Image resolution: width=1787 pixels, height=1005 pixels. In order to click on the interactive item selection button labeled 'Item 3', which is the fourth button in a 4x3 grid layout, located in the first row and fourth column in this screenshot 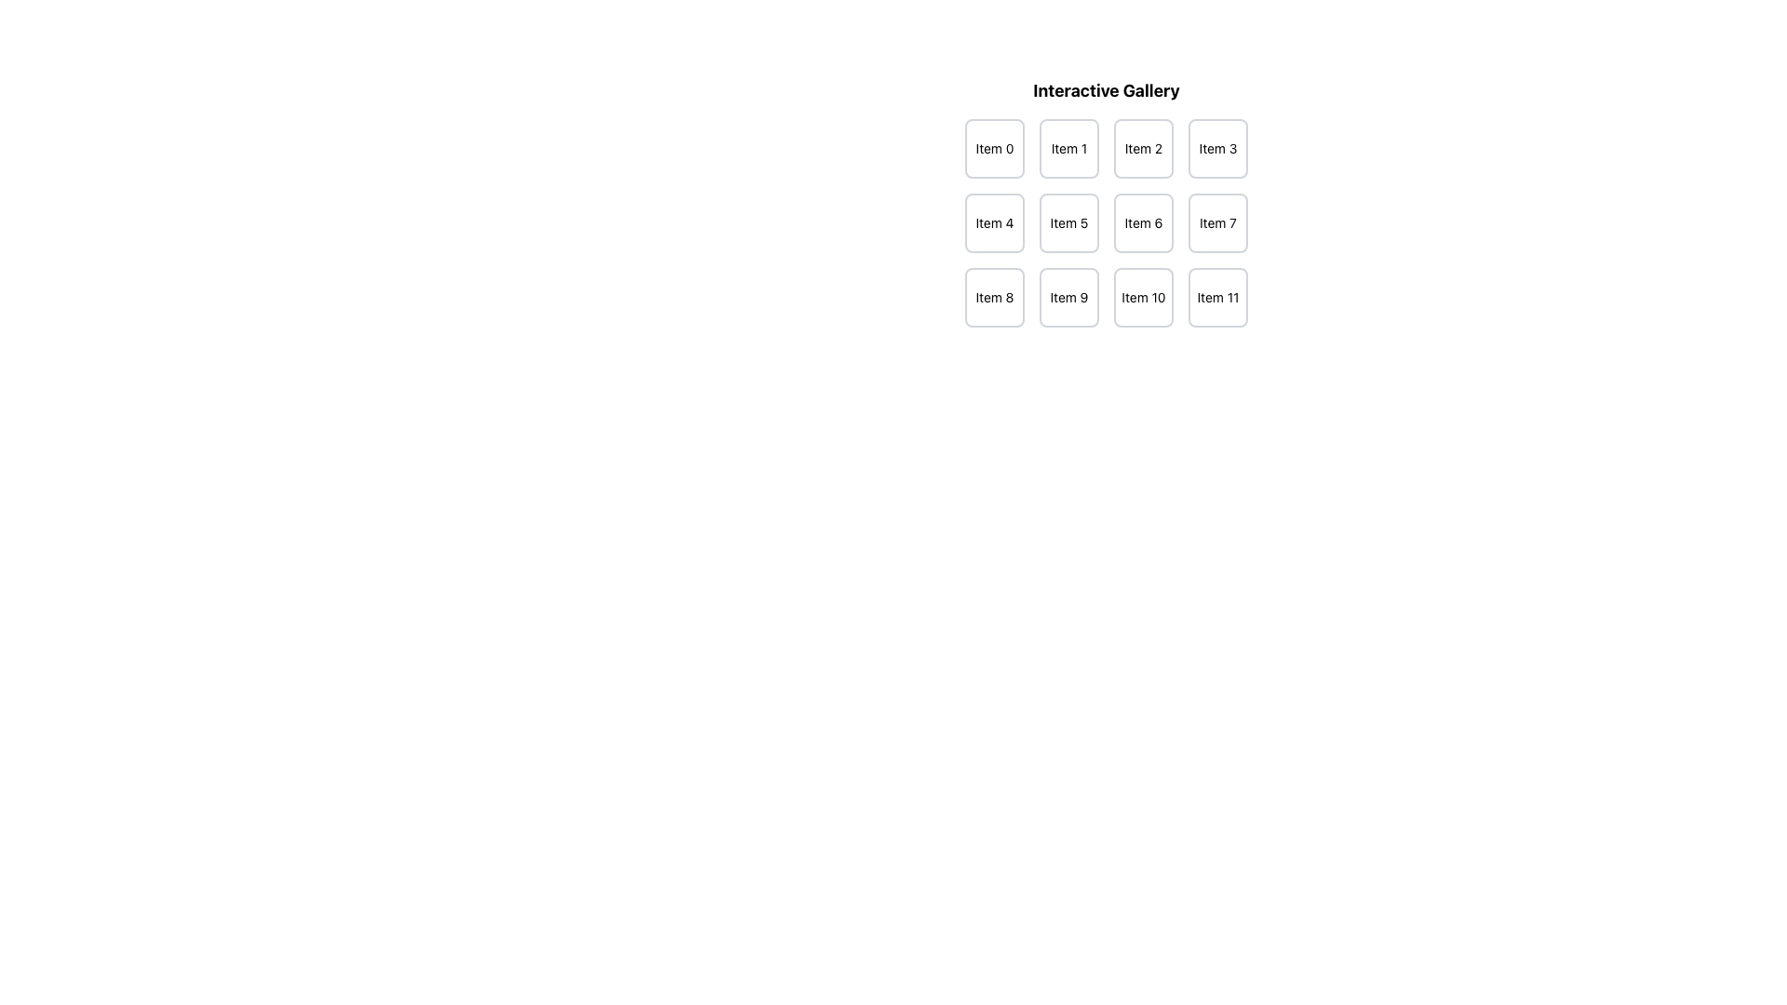, I will do `click(1218, 147)`.